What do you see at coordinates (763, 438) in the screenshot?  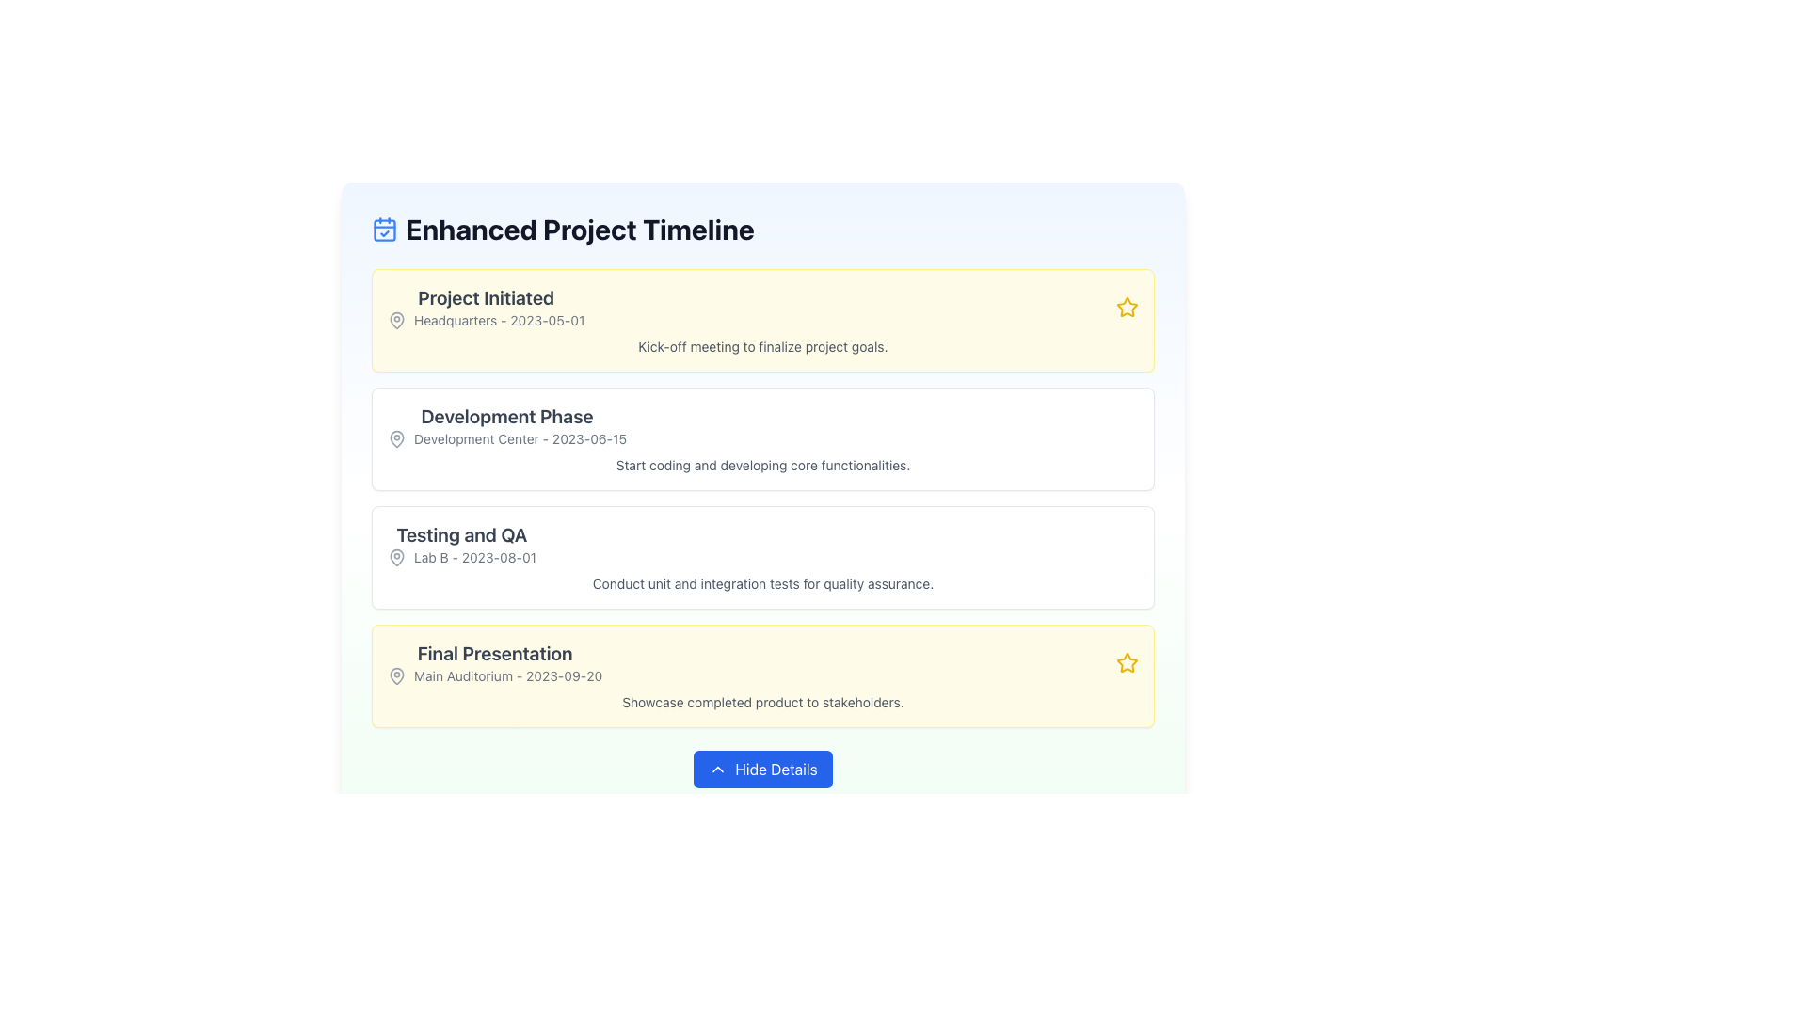 I see `the second informational card titled 'Development Phase' in the 'Enhanced Project Timeline' list, which contains details about the development center and date` at bounding box center [763, 438].